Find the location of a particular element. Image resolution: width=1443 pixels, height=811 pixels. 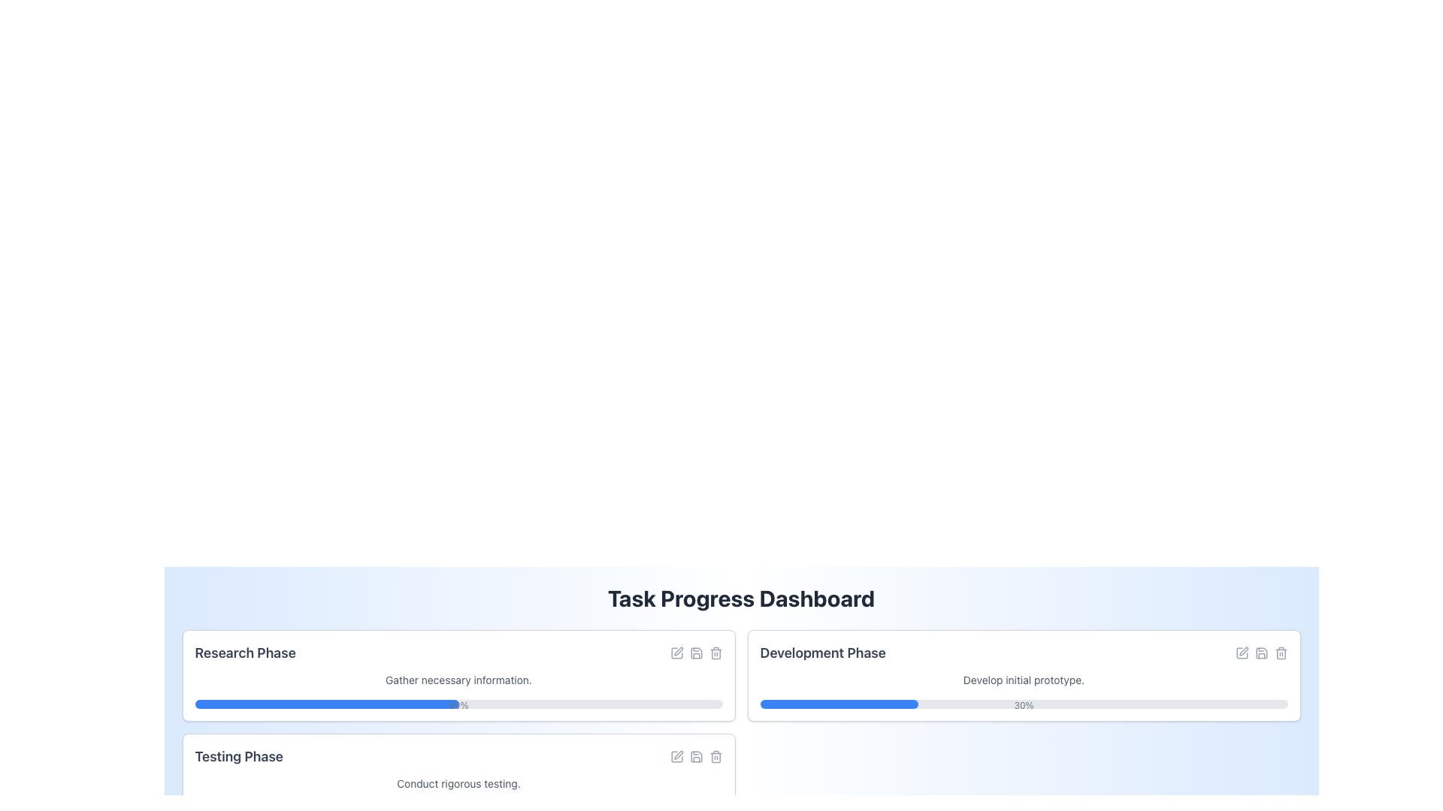

the blue Progress Bar Segment located in the 'Development Phase' section of the 'Task Progress Dashboard' is located at coordinates (838, 704).